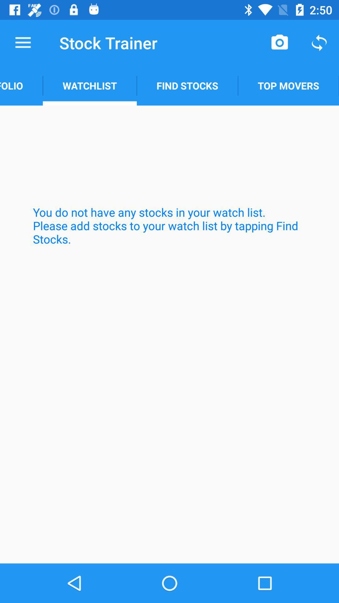 This screenshot has height=603, width=339. Describe the element at coordinates (90, 85) in the screenshot. I see `app to the left of the find stocks icon` at that location.